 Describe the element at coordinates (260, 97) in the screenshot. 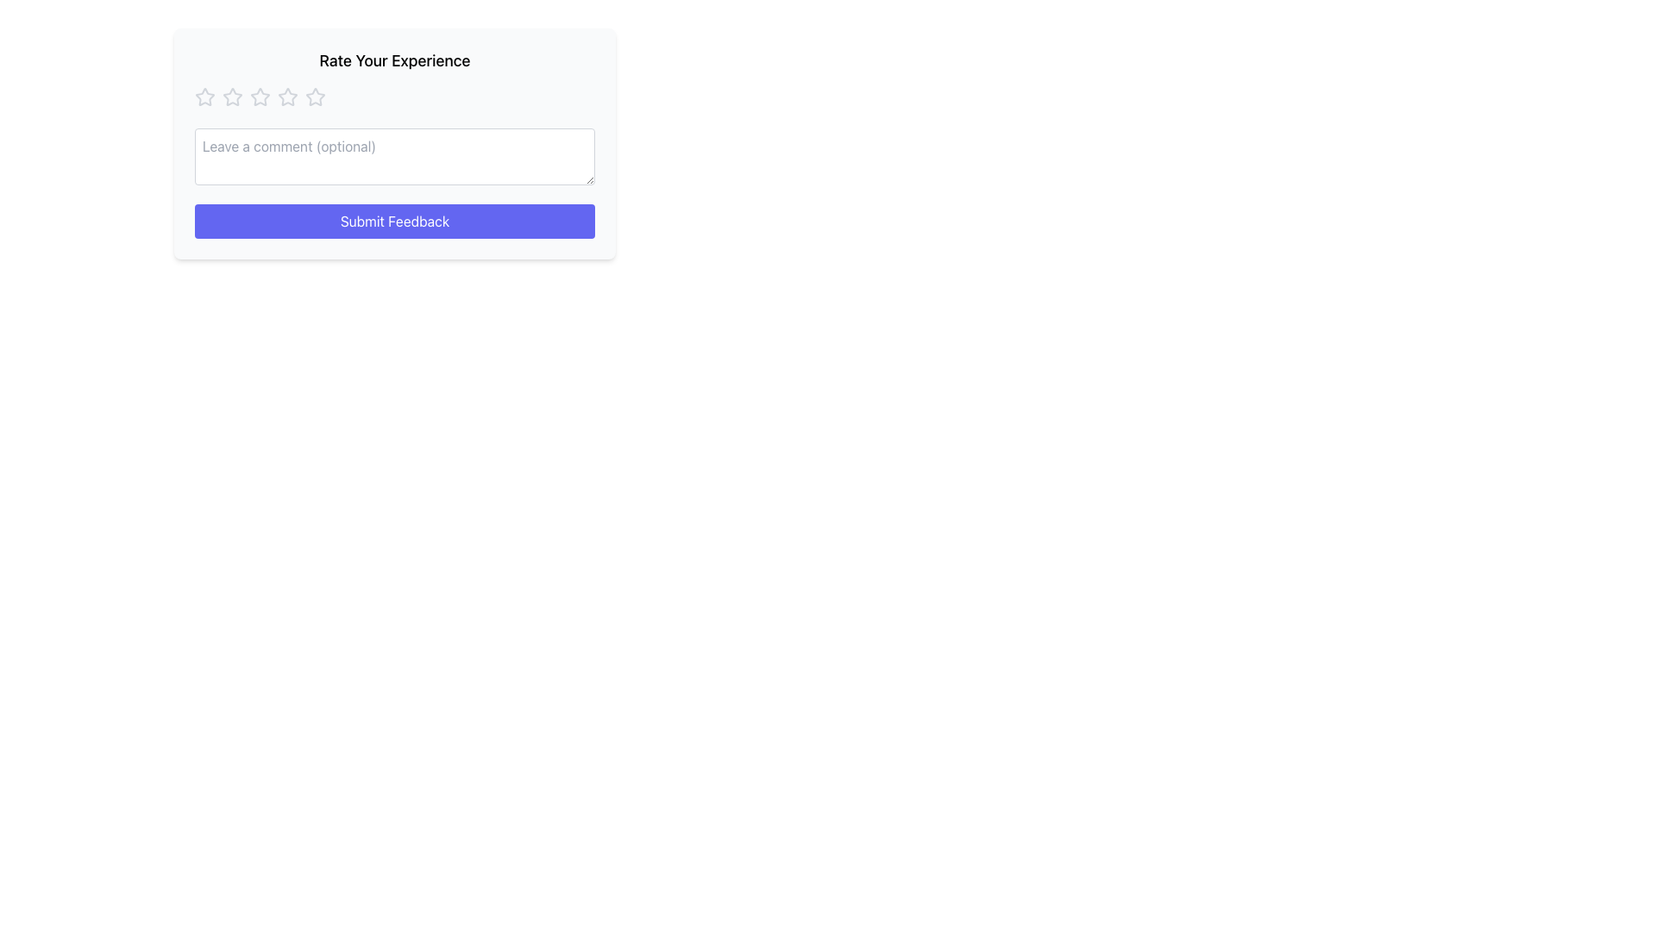

I see `the fourth rating star icon` at that location.